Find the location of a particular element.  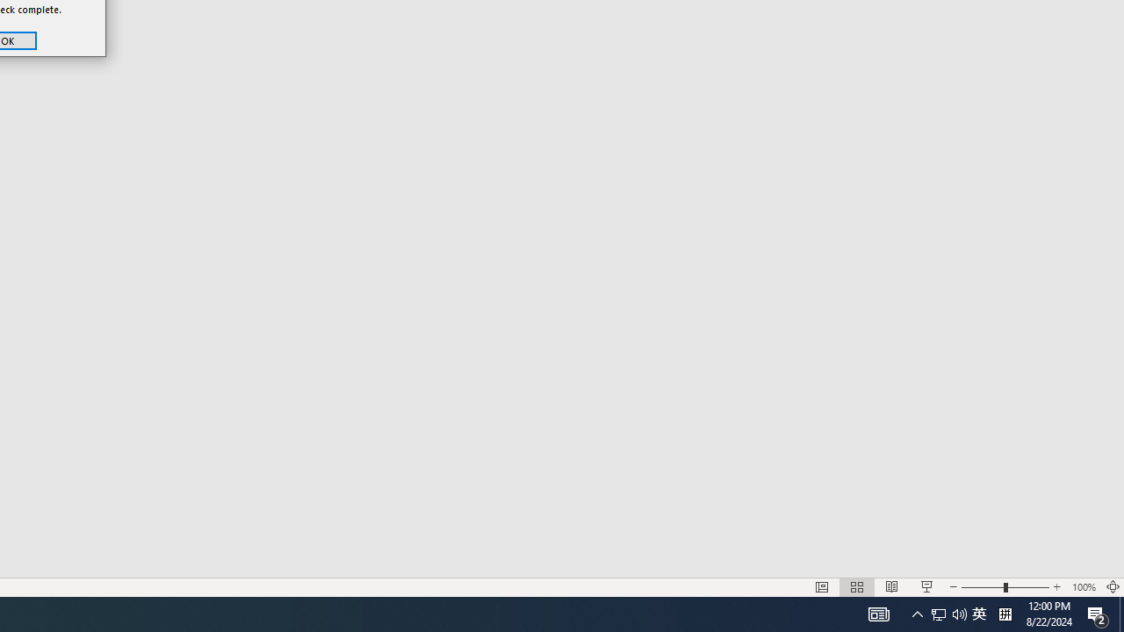

'Zoom 100%' is located at coordinates (1083, 587).